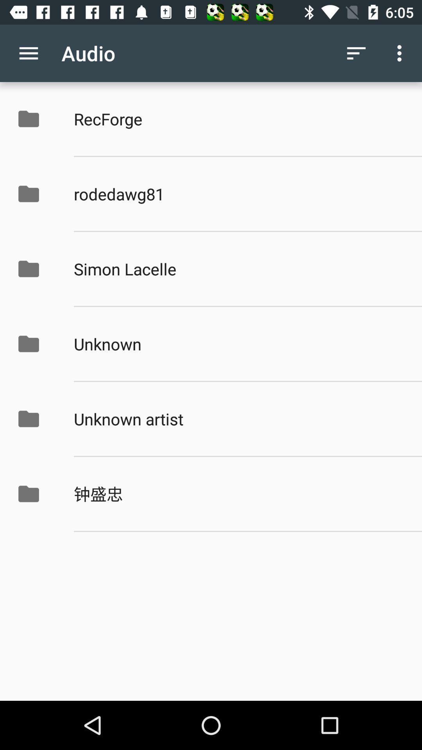 This screenshot has width=422, height=750. What do you see at coordinates (401, 53) in the screenshot?
I see `item above recforge item` at bounding box center [401, 53].